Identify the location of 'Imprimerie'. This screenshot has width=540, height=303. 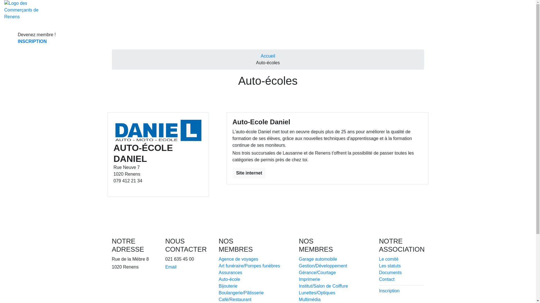
(309, 279).